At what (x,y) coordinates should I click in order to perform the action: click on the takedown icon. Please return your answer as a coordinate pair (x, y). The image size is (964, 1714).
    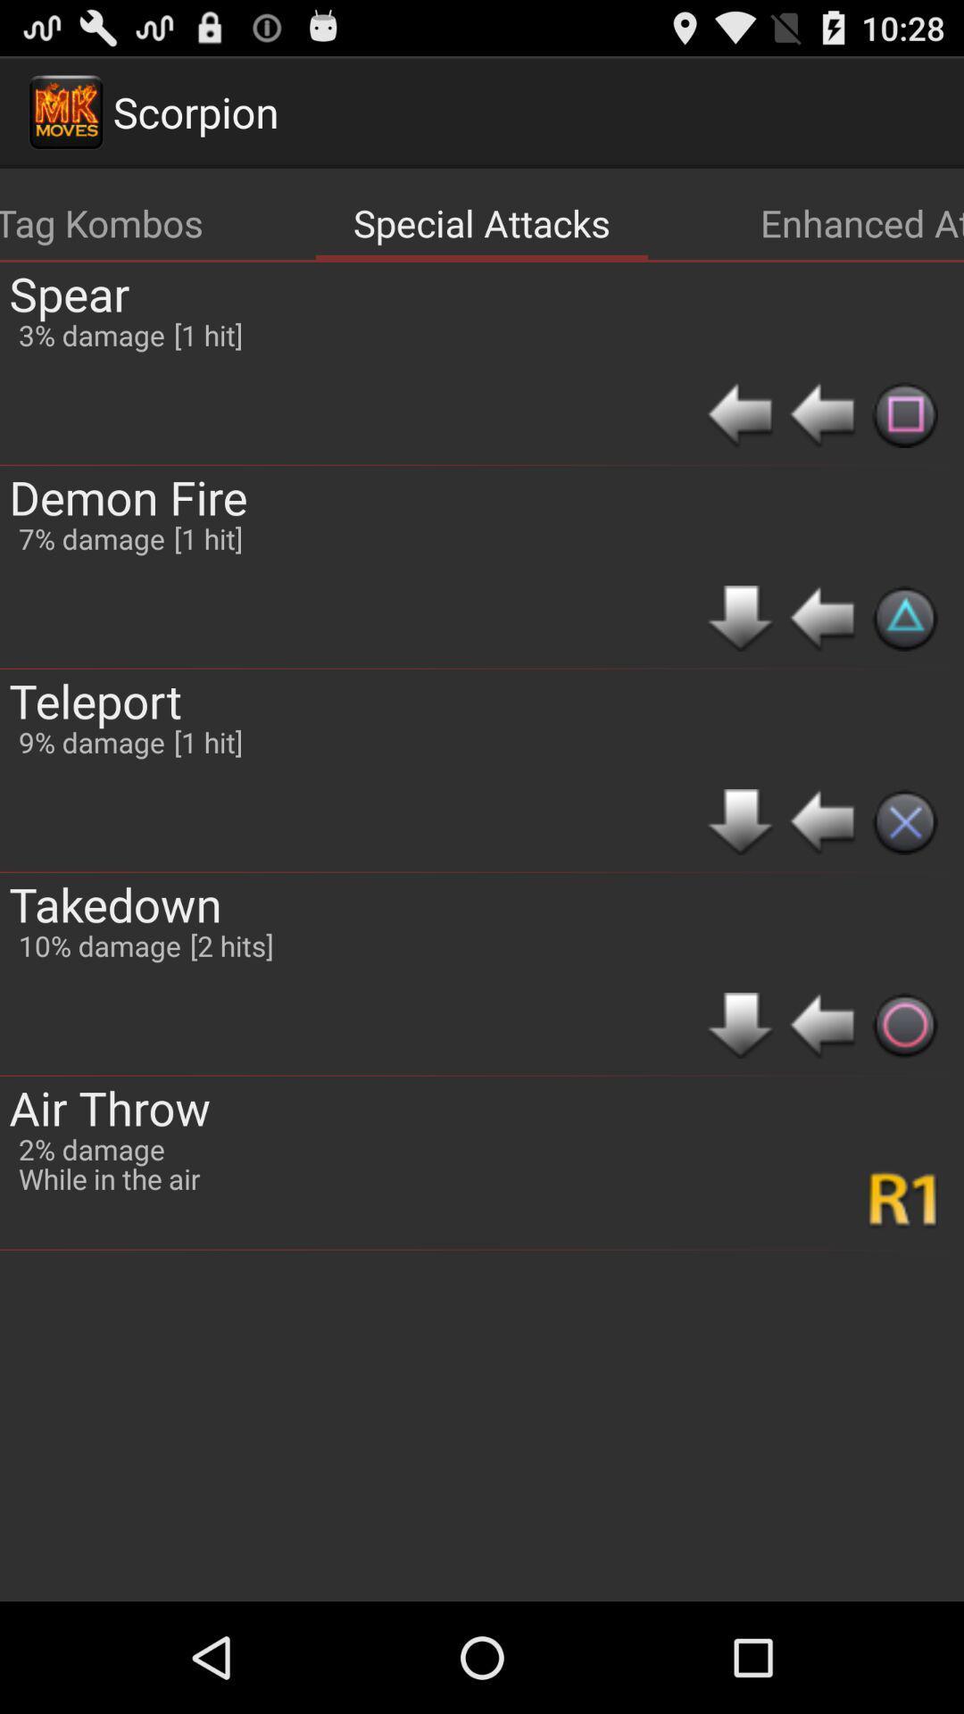
    Looking at the image, I should click on (115, 903).